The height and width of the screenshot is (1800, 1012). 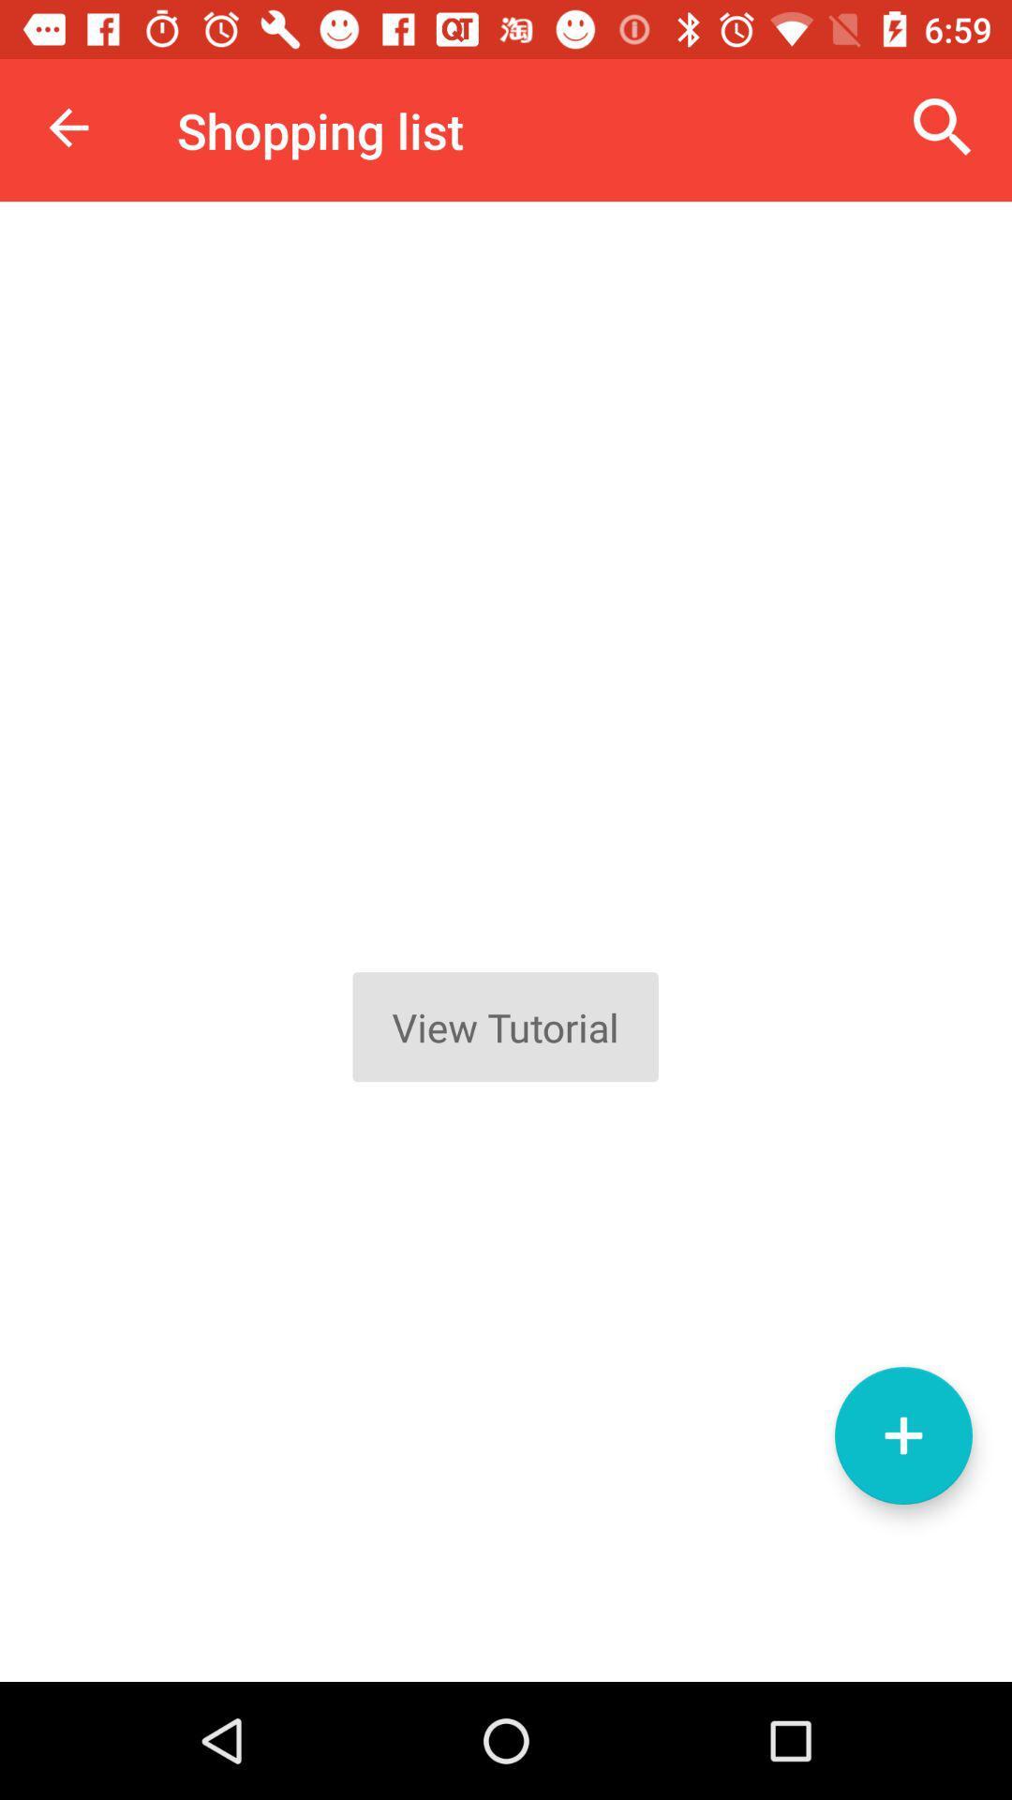 I want to click on tutorial, so click(x=506, y=941).